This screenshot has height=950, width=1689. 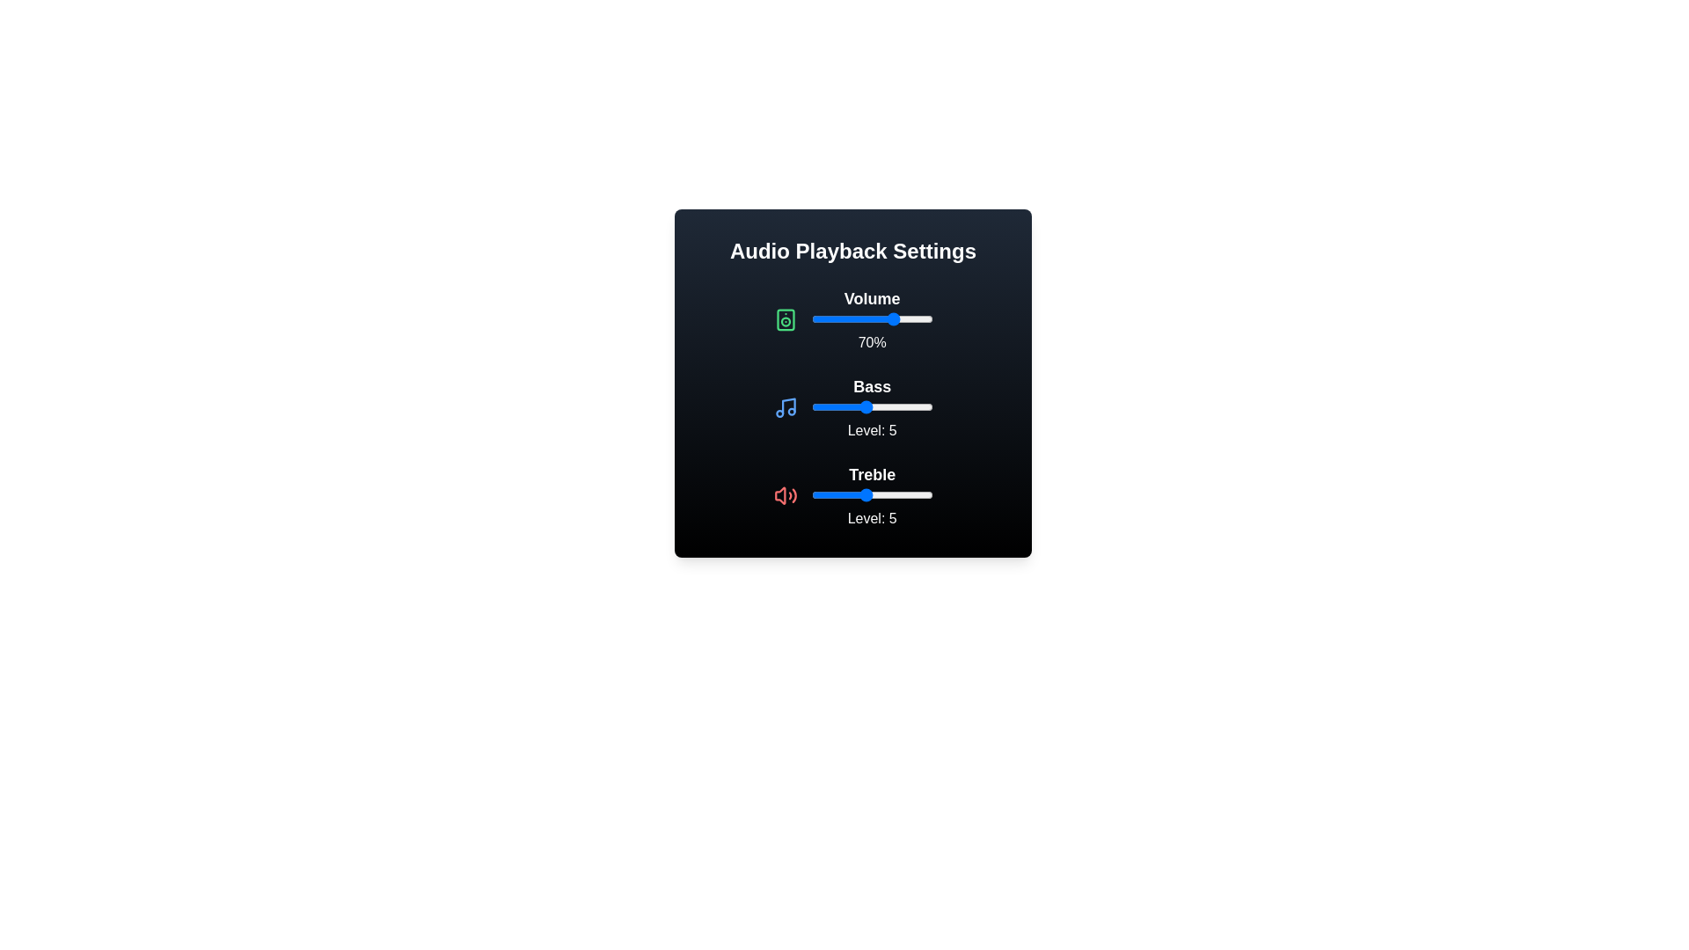 What do you see at coordinates (905, 495) in the screenshot?
I see `treble level` at bounding box center [905, 495].